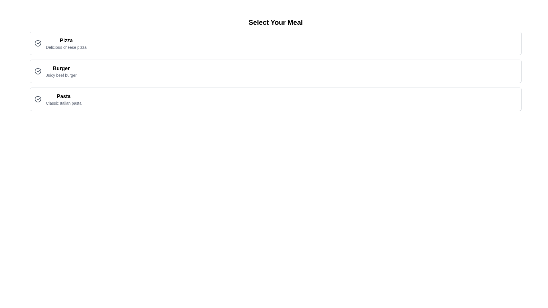 The height and width of the screenshot is (308, 548). What do you see at coordinates (38, 43) in the screenshot?
I see `the decorative or status indicator icon located beside the text 'Pizza' and 'Delicious cheese pizza'` at bounding box center [38, 43].